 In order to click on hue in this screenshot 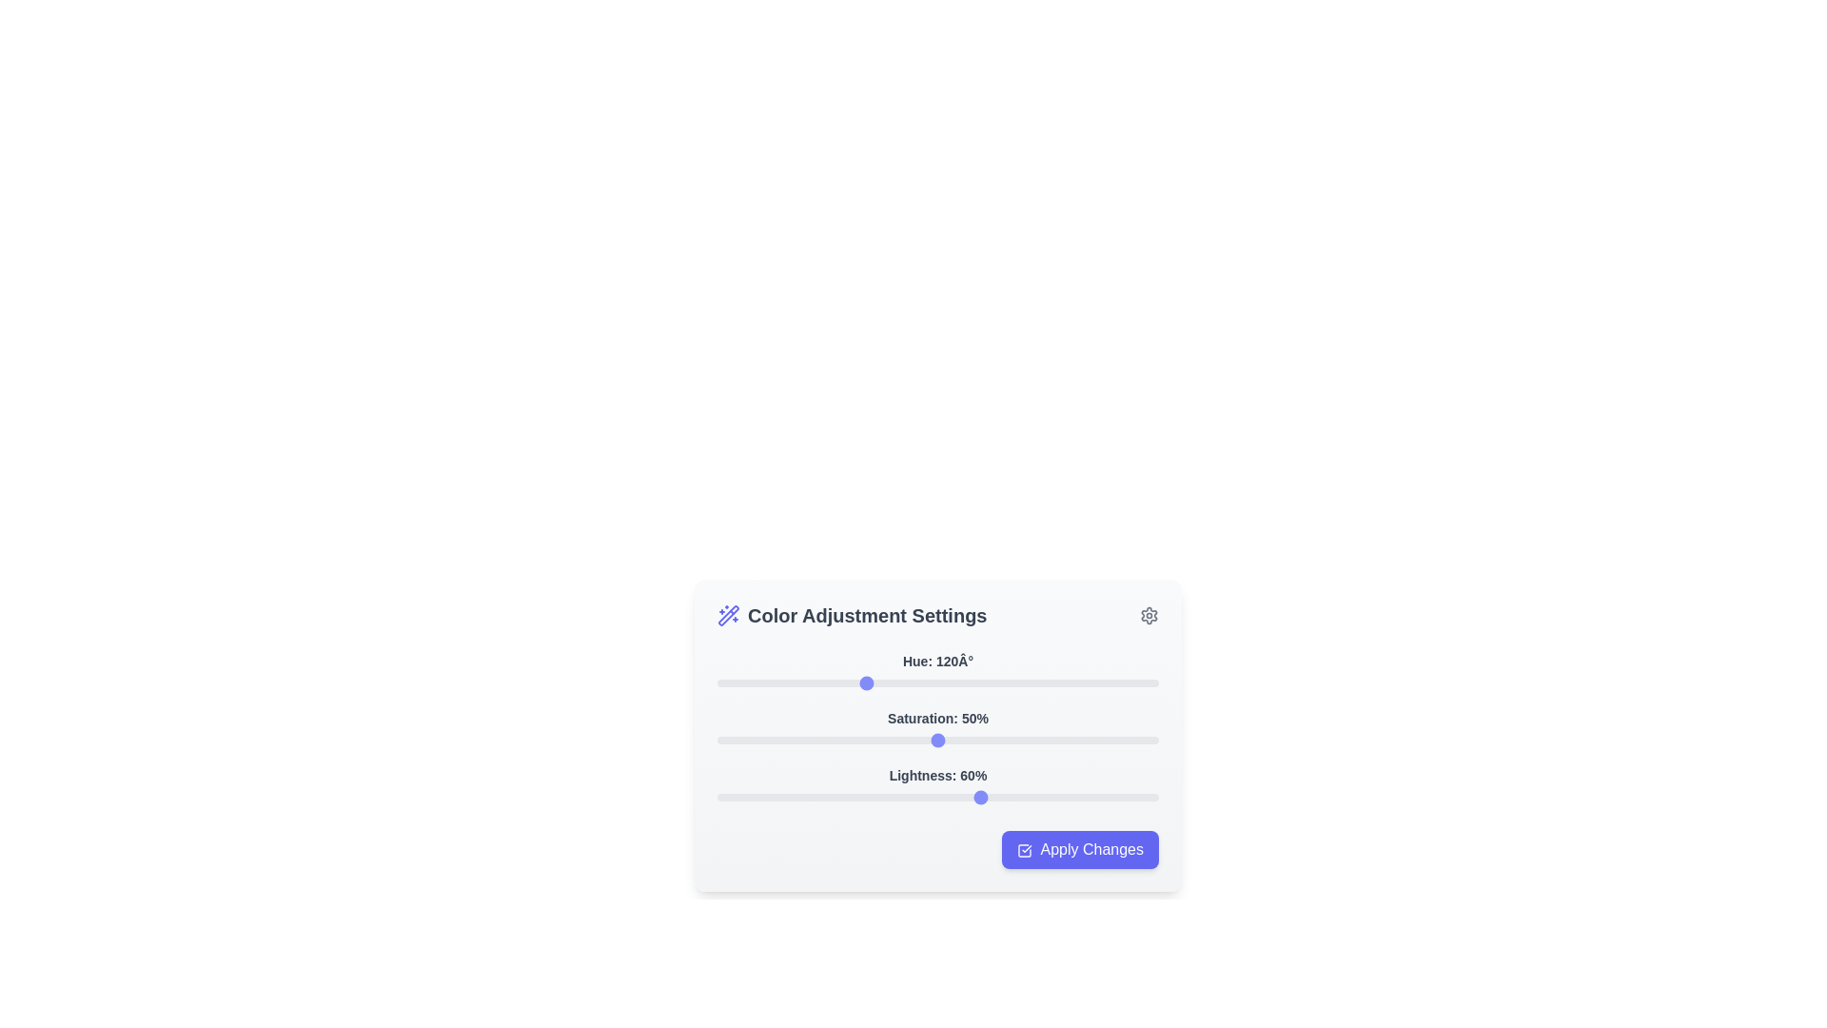, I will do `click(978, 682)`.